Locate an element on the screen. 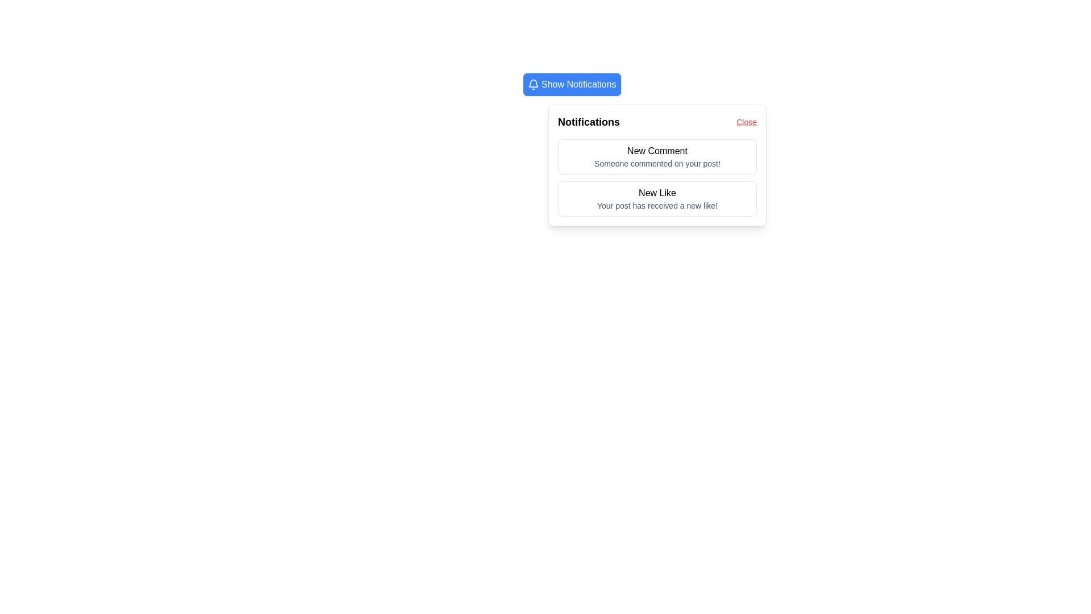 The width and height of the screenshot is (1091, 614). text block displaying 'Someone commented on your post!' located beneath the 'New Comment' header in the notification panel is located at coordinates (657, 164).